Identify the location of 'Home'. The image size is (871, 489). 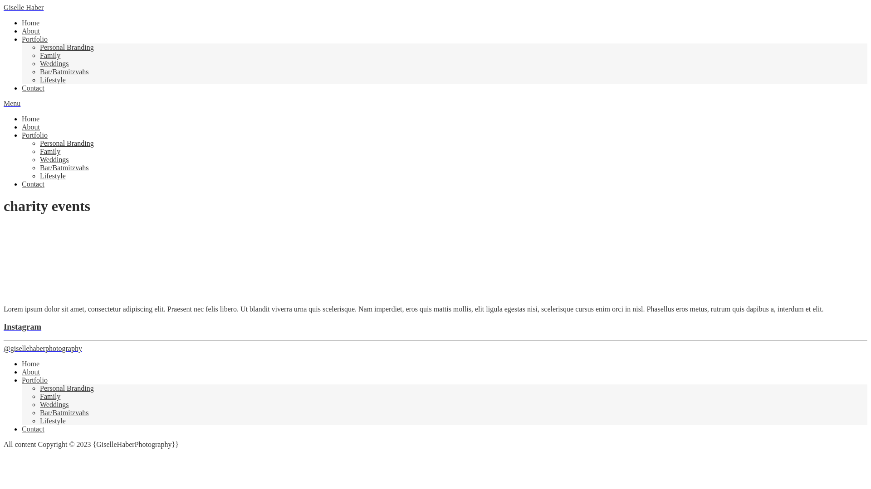
(30, 22).